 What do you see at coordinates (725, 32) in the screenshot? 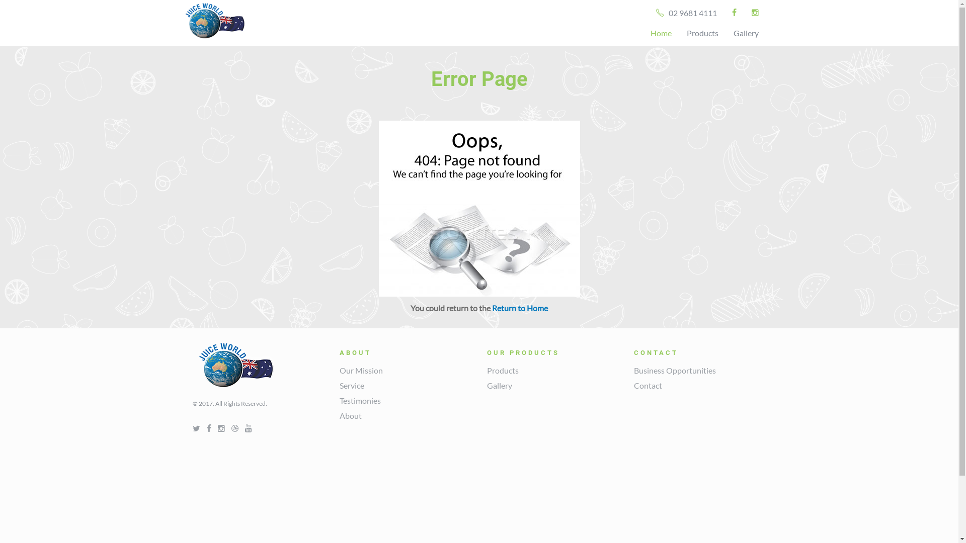
I see `'Gallery'` at bounding box center [725, 32].